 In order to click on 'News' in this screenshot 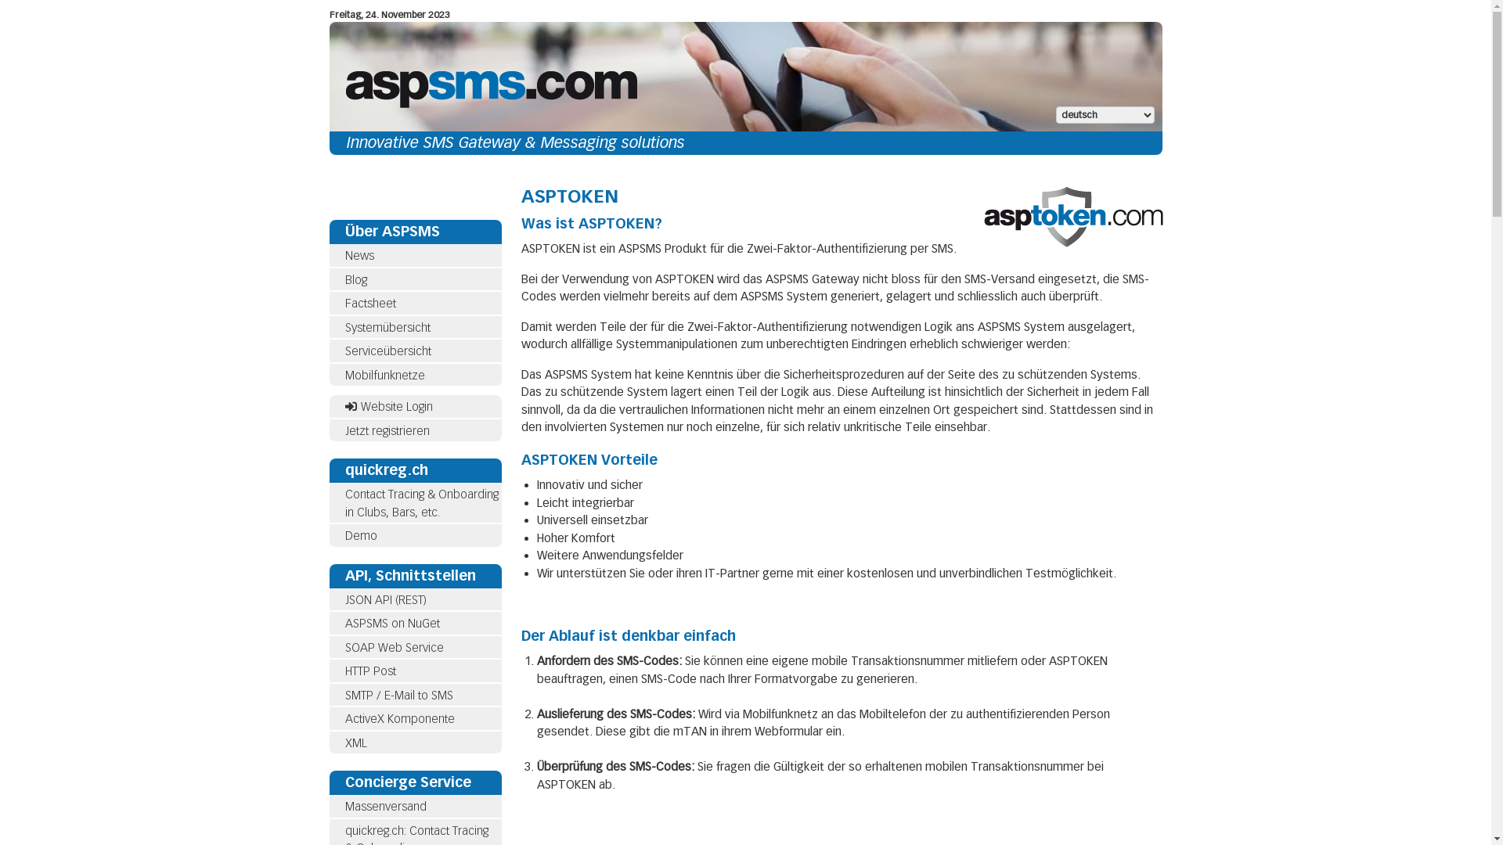, I will do `click(358, 255)`.